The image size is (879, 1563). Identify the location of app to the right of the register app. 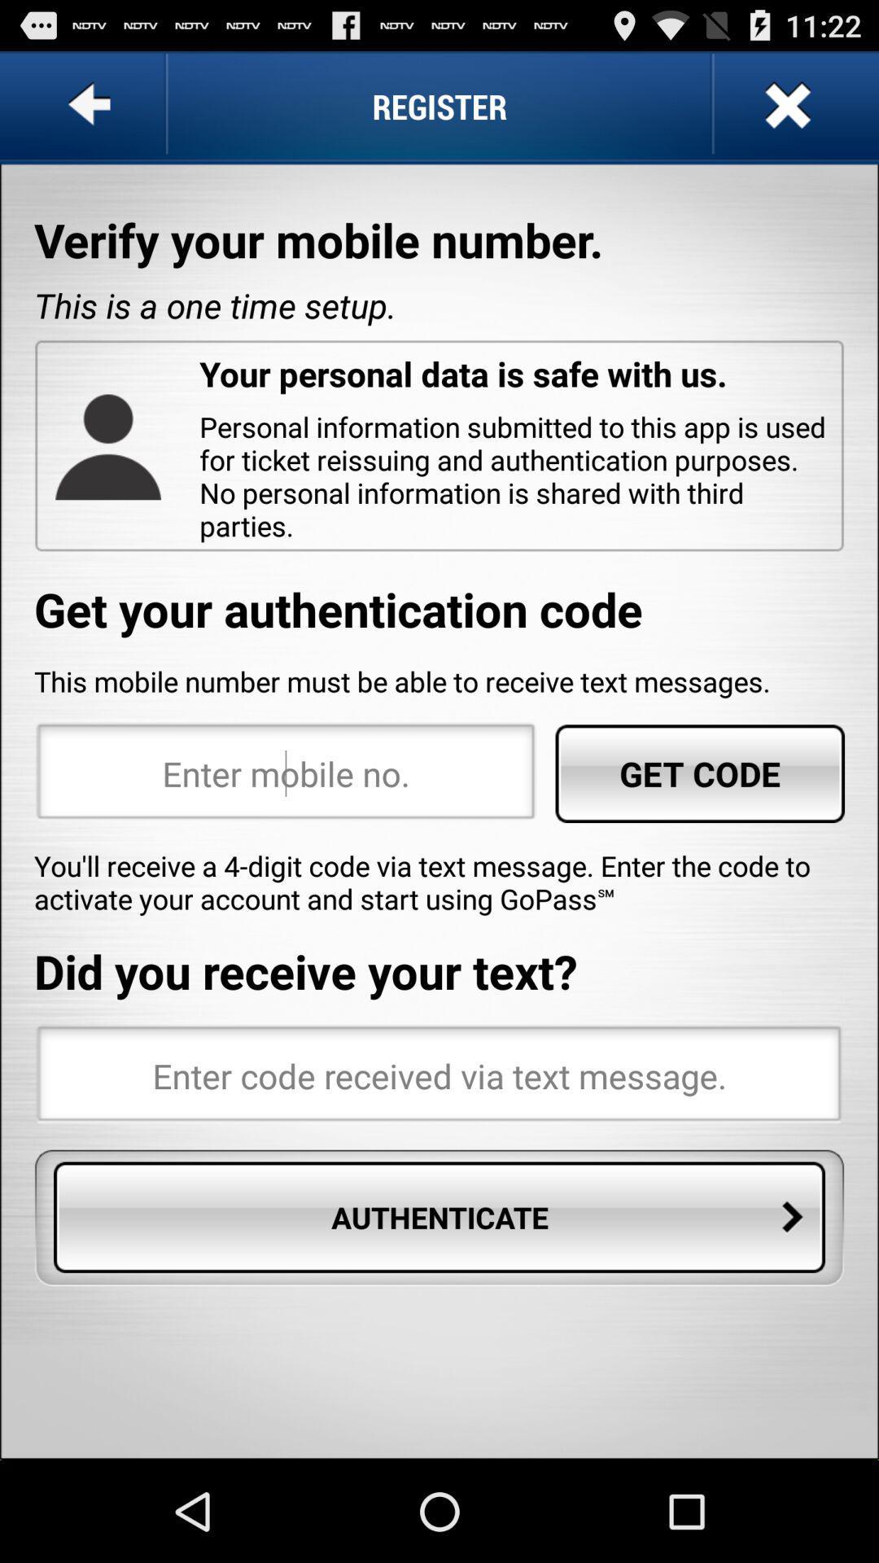
(785, 105).